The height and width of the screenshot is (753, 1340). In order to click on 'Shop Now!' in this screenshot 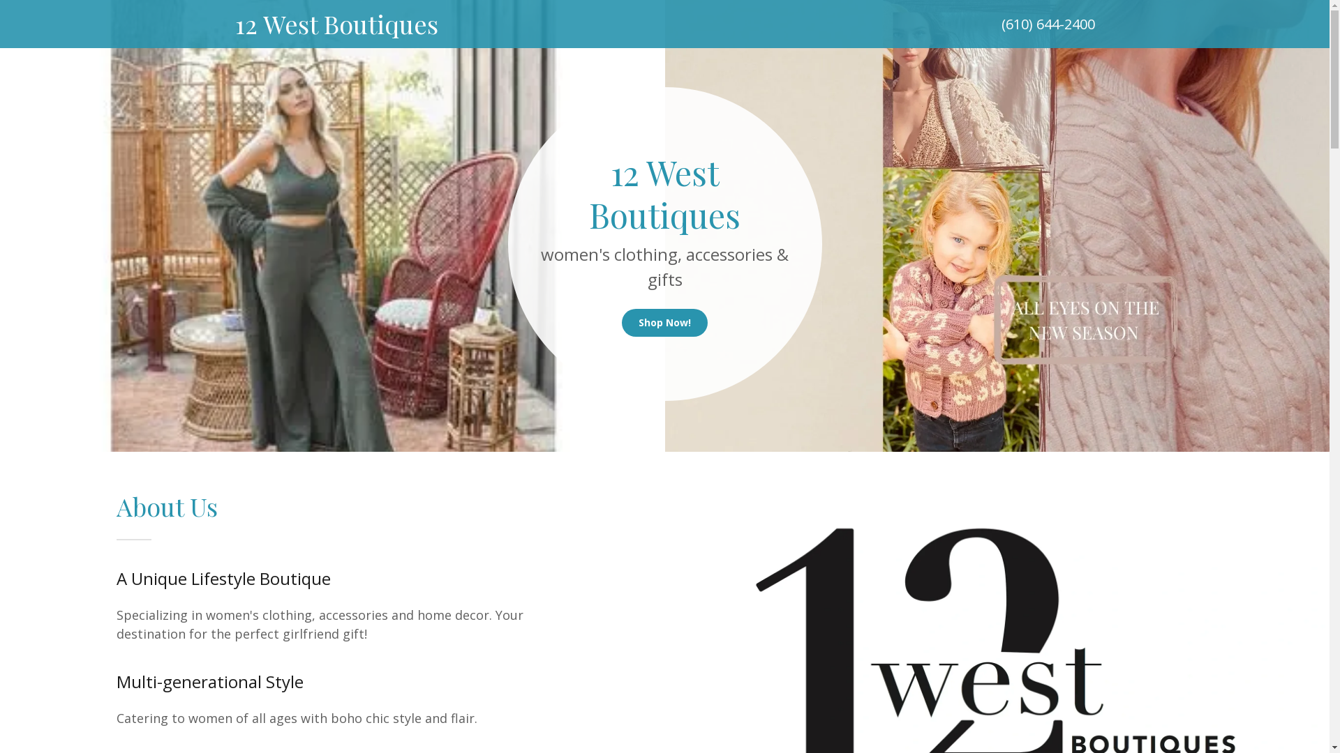, I will do `click(664, 322)`.